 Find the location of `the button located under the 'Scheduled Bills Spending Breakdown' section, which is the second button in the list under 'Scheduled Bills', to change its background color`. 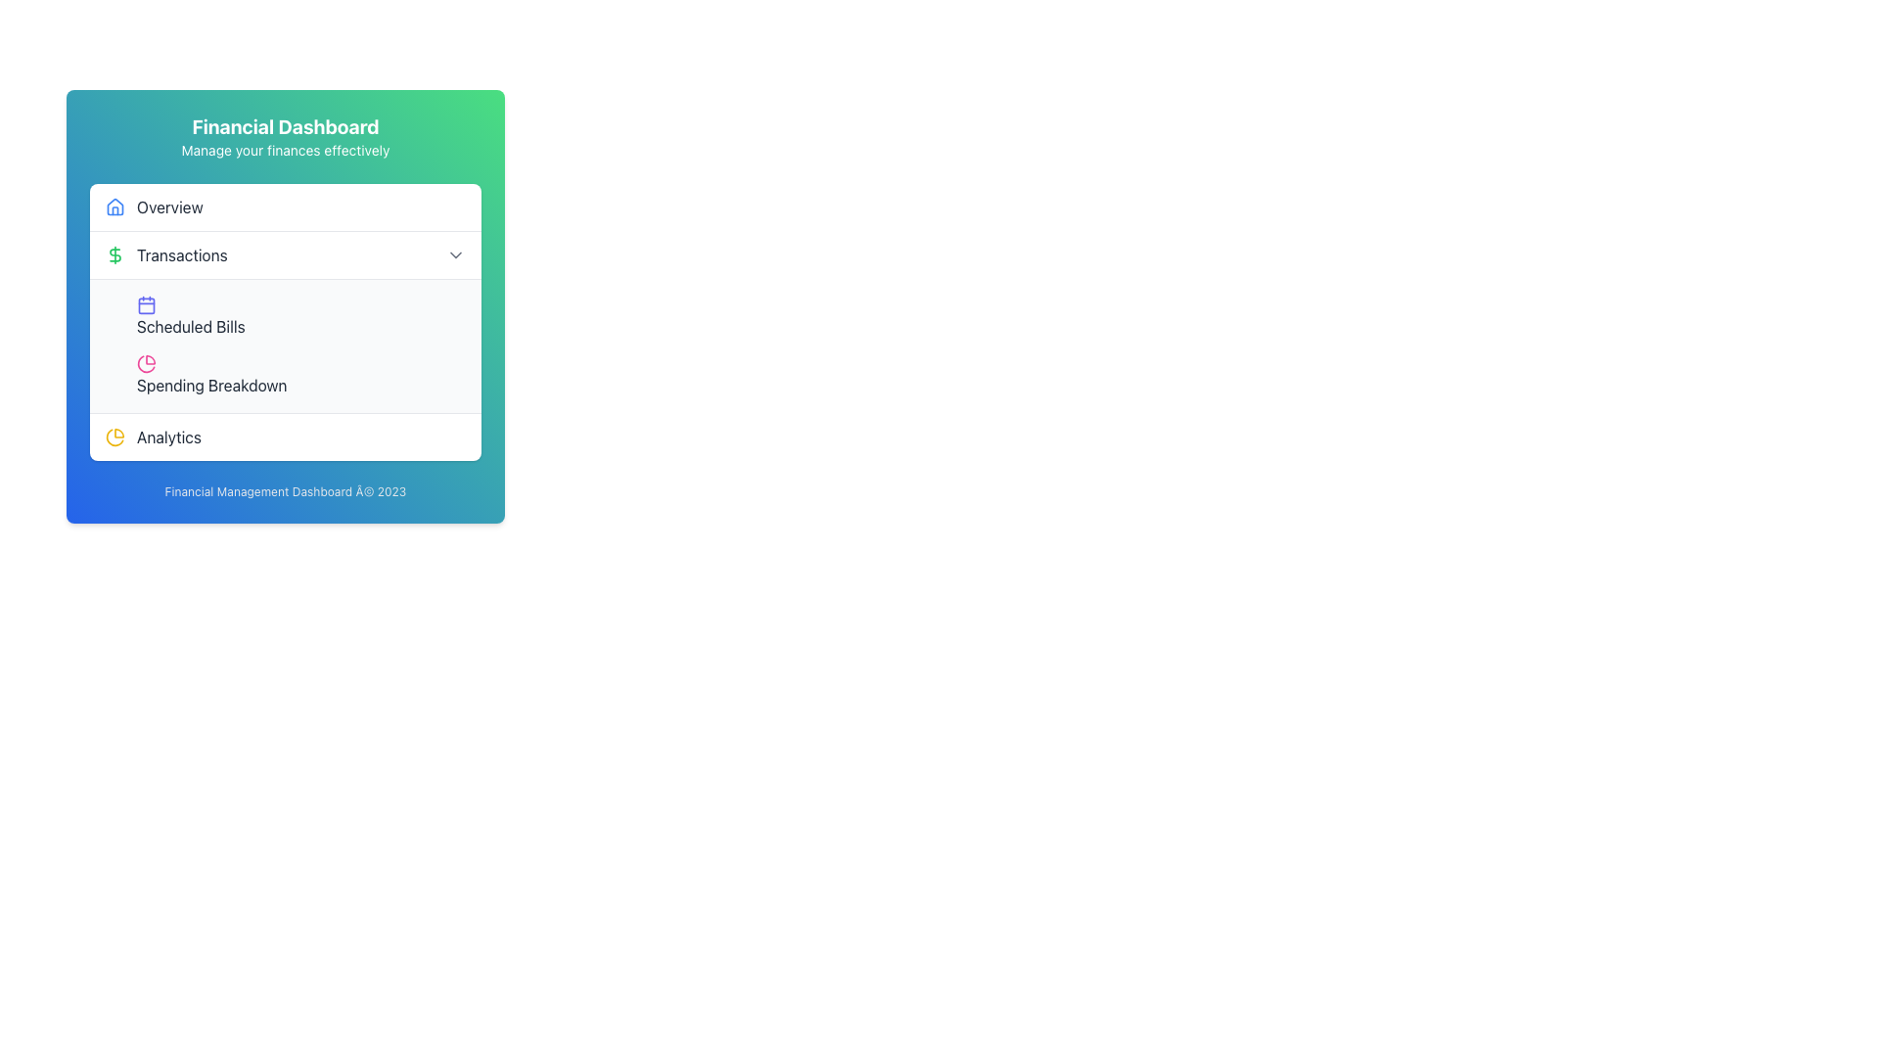

the button located under the 'Scheduled Bills Spending Breakdown' section, which is the second button in the list under 'Scheduled Bills', to change its background color is located at coordinates (299, 376).